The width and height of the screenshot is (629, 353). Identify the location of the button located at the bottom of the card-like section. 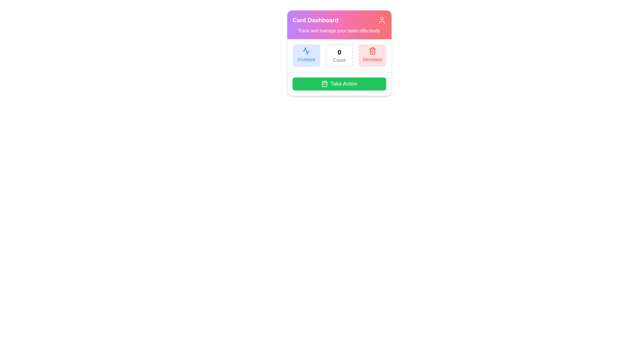
(339, 84).